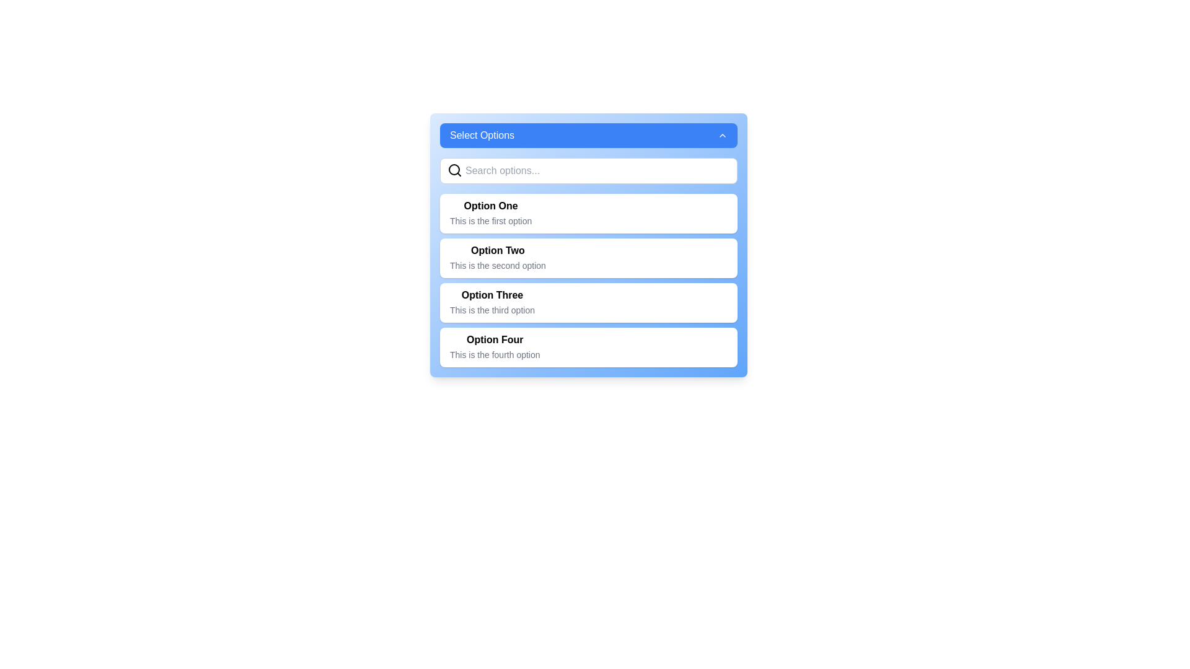 Image resolution: width=1190 pixels, height=669 pixels. Describe the element at coordinates (481, 136) in the screenshot. I see `the 'Select Options' text label displayed in white font on a blue background` at that location.